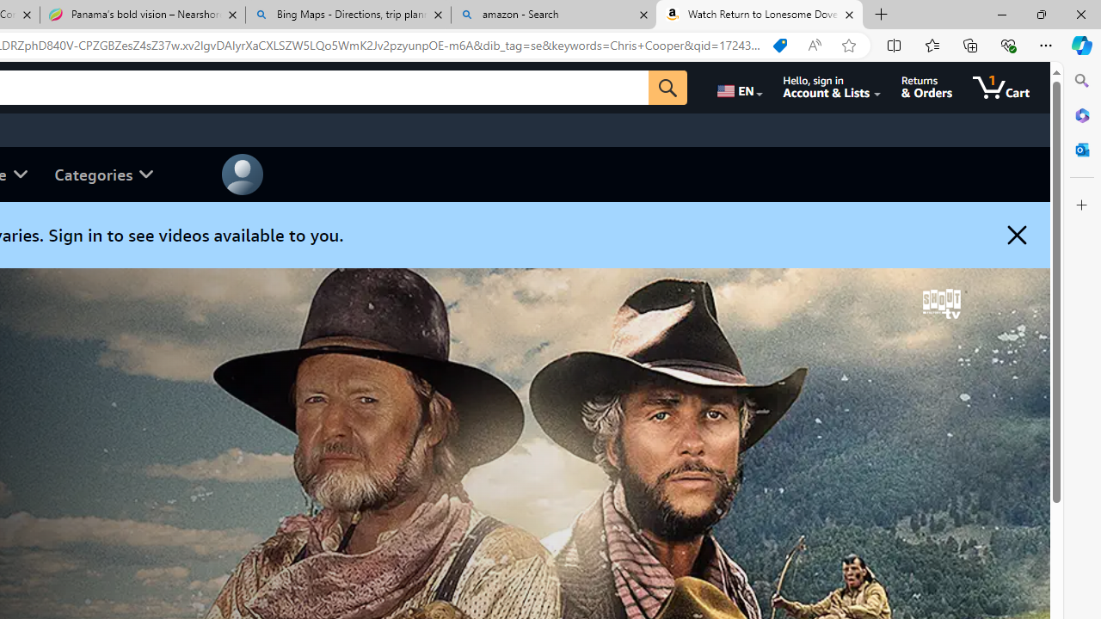 This screenshot has height=619, width=1101. What do you see at coordinates (759, 15) in the screenshot?
I see `'Watch Return to Lonesome Dove Season 1 | Prime Video'` at bounding box center [759, 15].